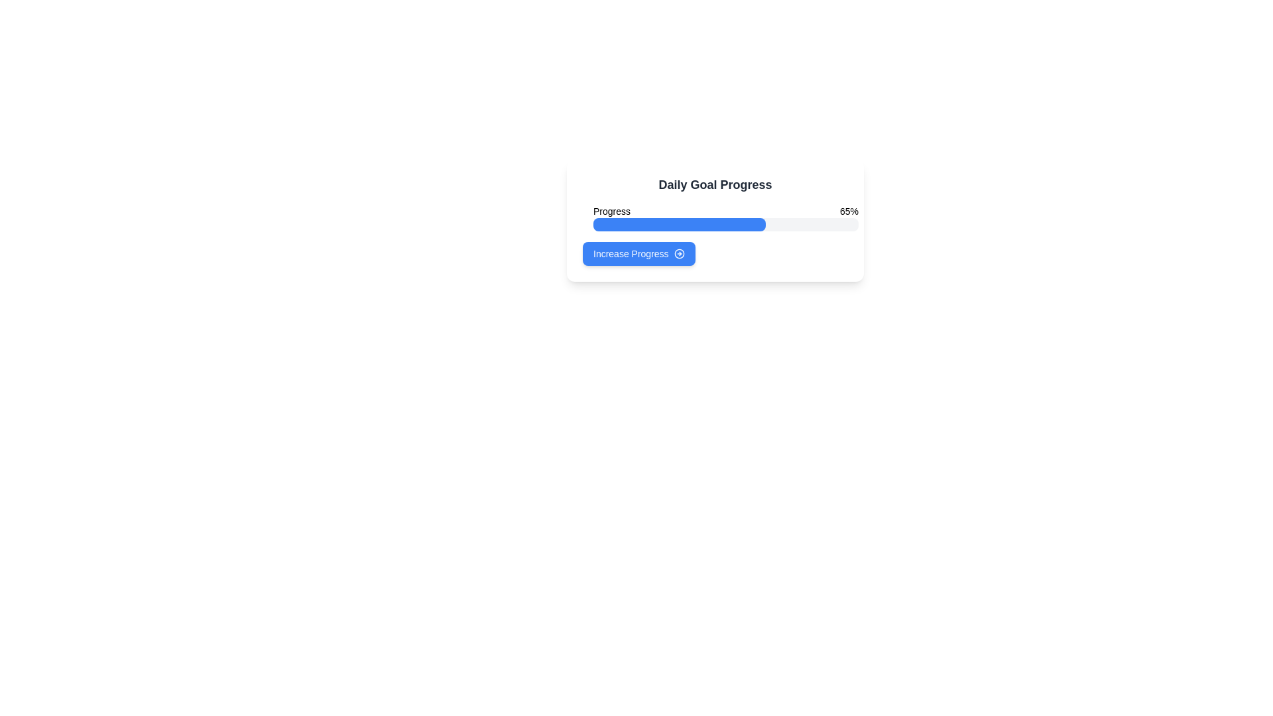 The width and height of the screenshot is (1273, 716). What do you see at coordinates (725, 217) in the screenshot?
I see `the horizontal progress bar labeled 'Progress' that shows 65% completion, located under the heading 'Daily Goal Progress'` at bounding box center [725, 217].